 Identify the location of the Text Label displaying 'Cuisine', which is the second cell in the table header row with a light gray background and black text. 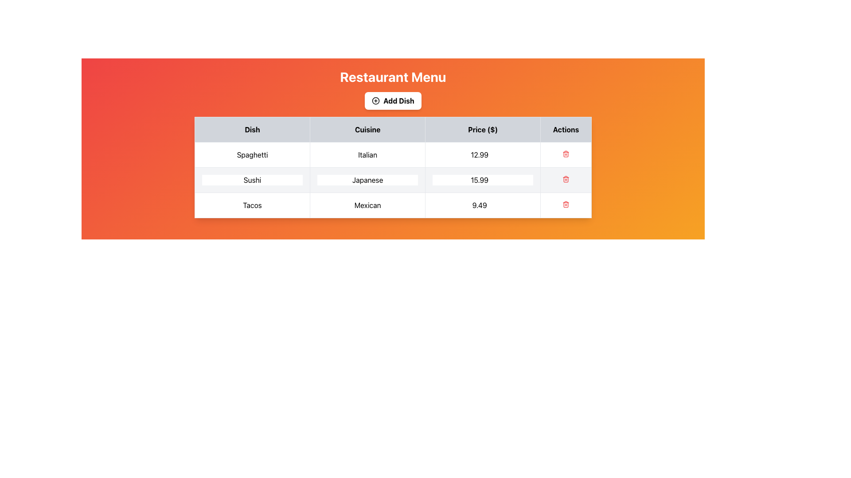
(367, 130).